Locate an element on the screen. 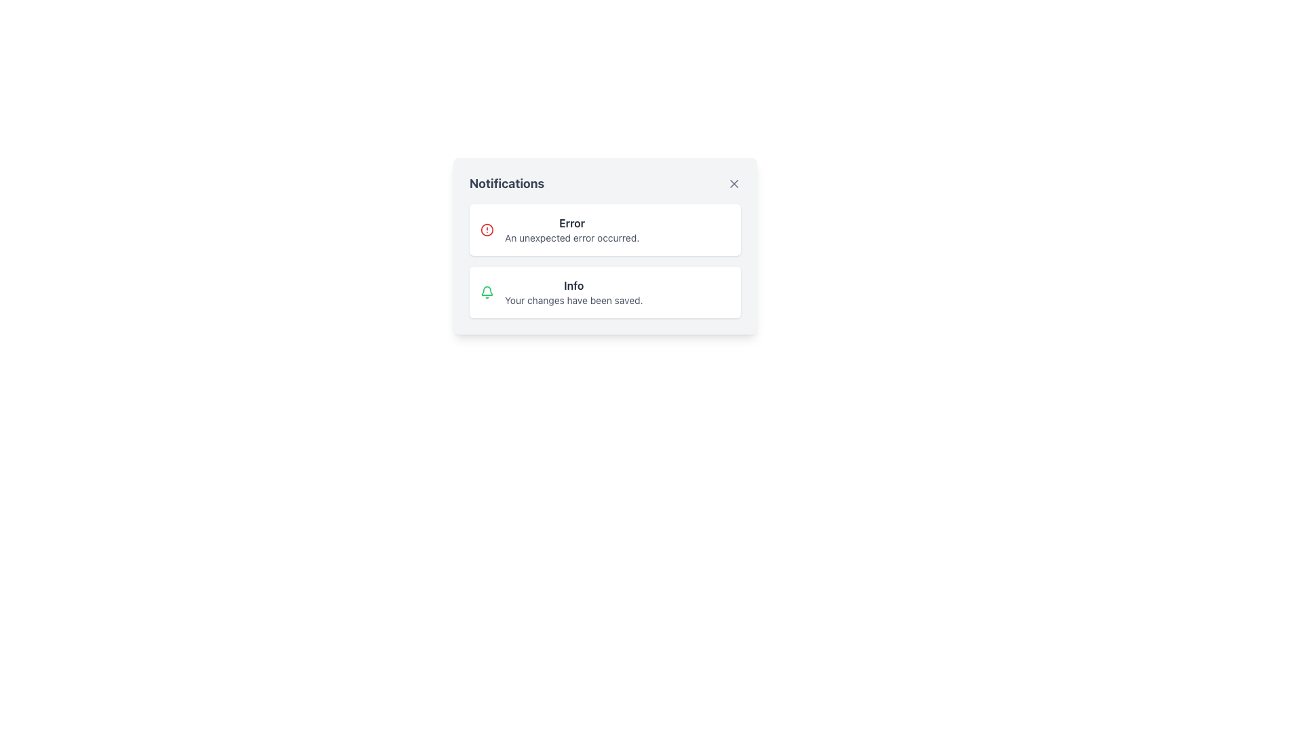 This screenshot has height=733, width=1303. the bell-shaped notification icon with a green outline, which is located on the far left side of the notification box containing the text 'Info' and 'Your changes have been saved.' is located at coordinates (487, 292).